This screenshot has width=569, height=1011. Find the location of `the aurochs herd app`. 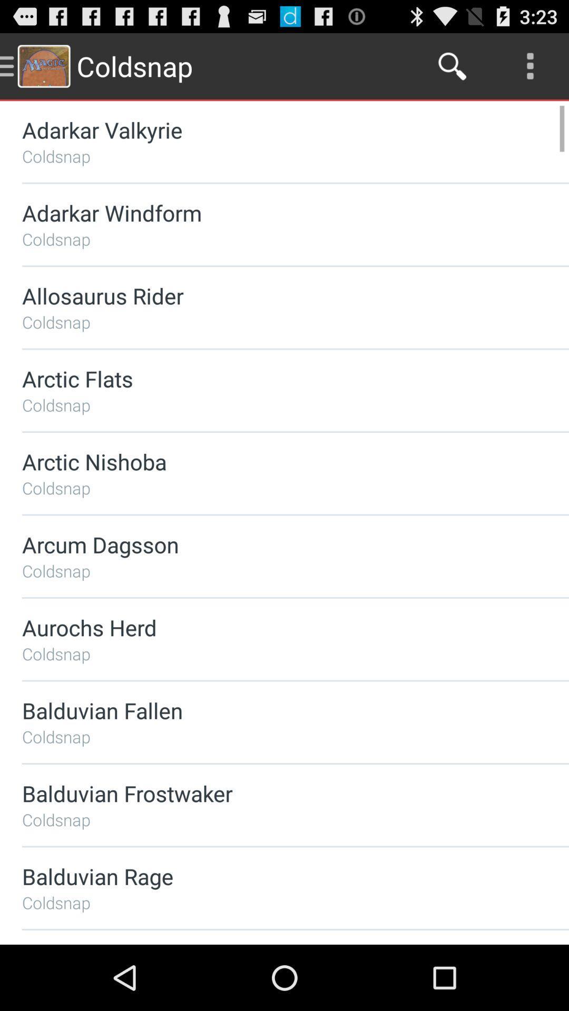

the aurochs herd app is located at coordinates (267, 627).